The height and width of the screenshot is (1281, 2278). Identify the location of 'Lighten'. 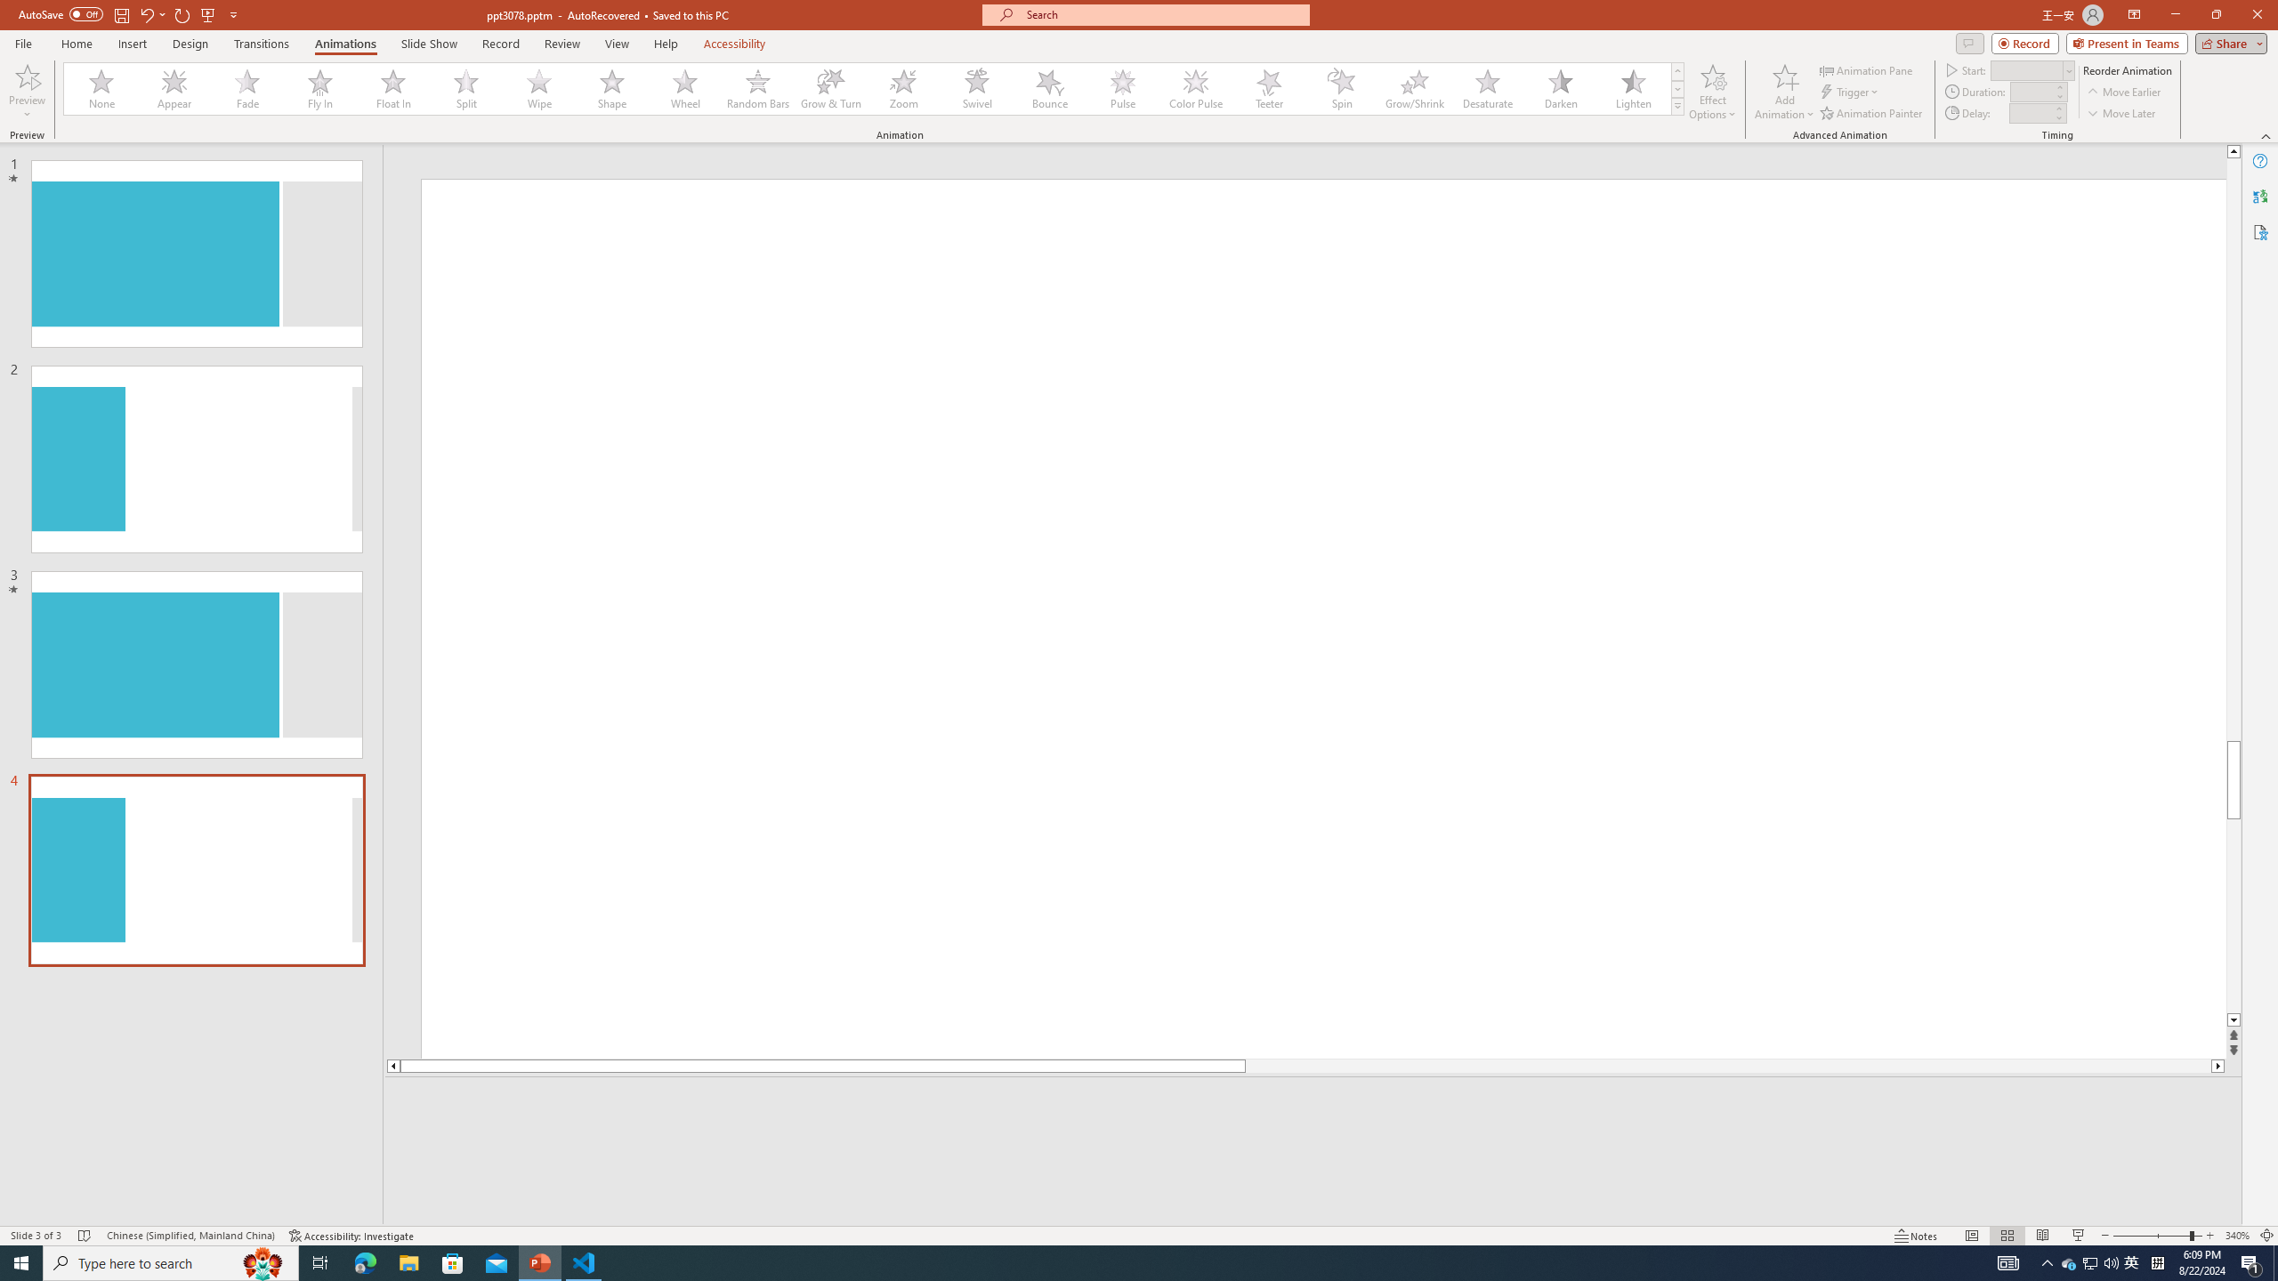
(1632, 88).